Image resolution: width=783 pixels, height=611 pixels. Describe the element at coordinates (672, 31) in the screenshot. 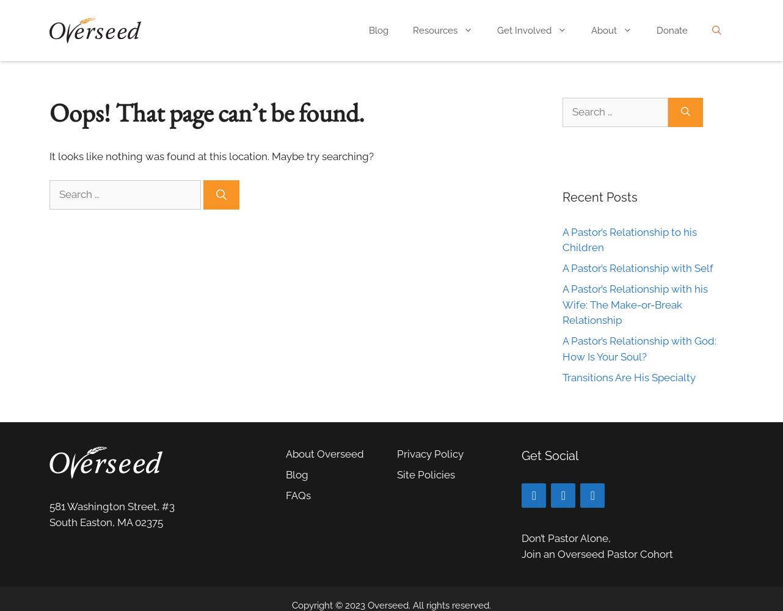

I see `'Donate'` at that location.